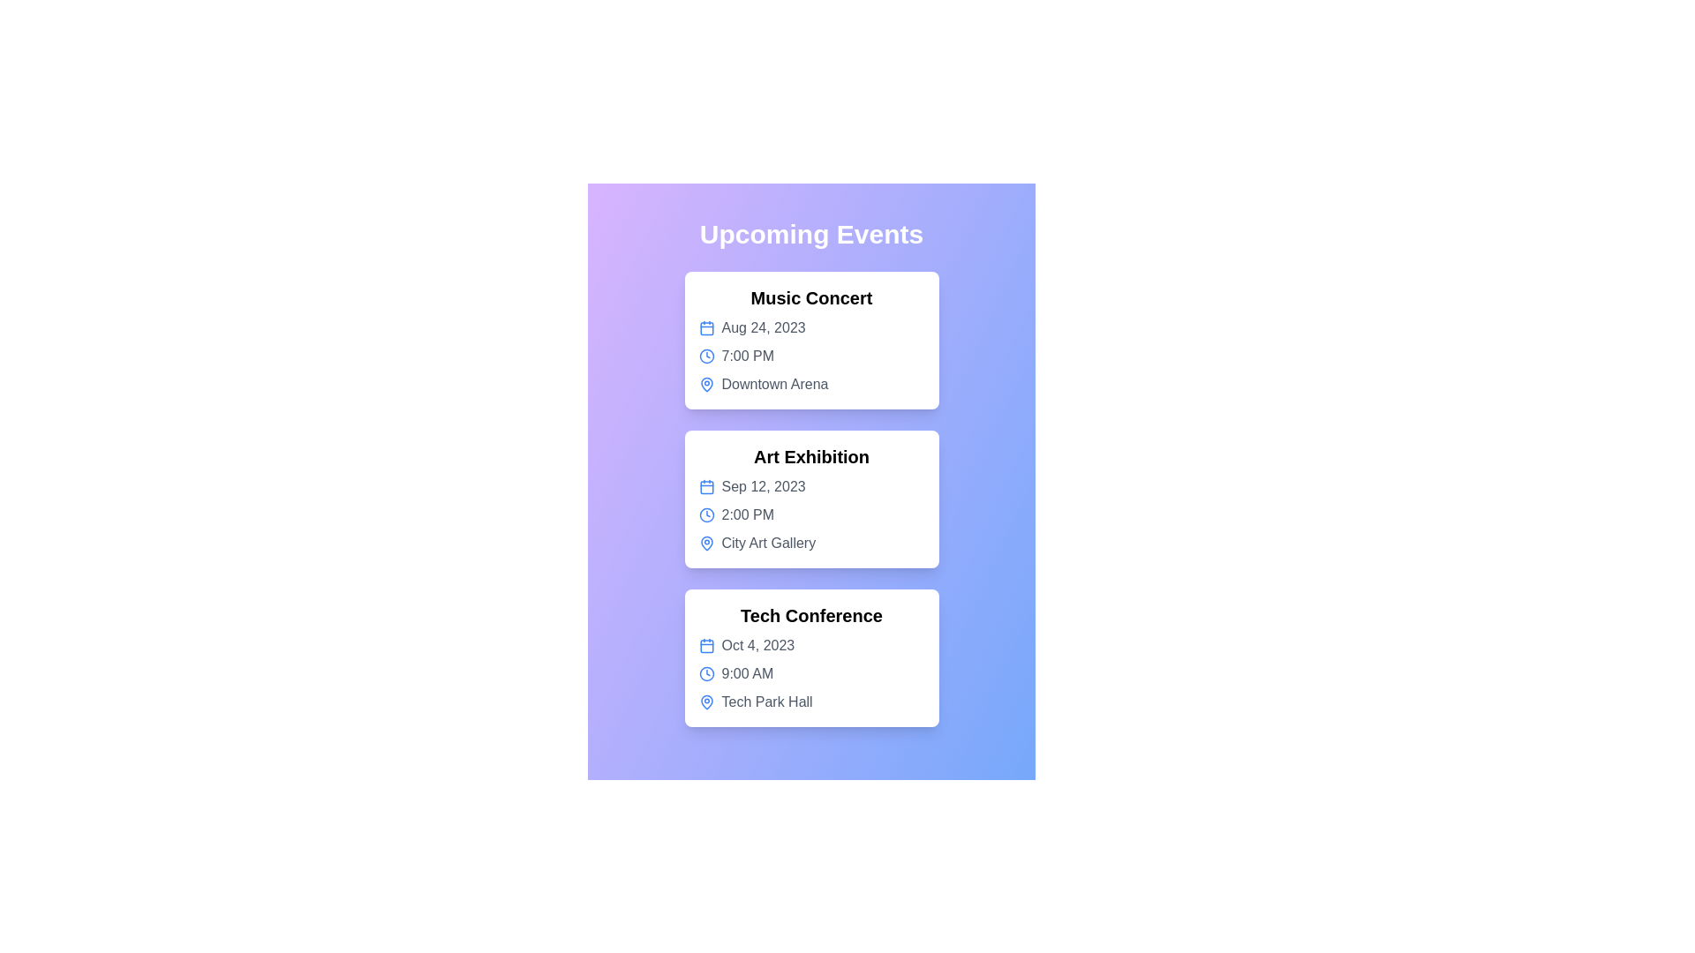  I want to click on the 'City Art Gallery' text element, which is accompanied by a blue map pin icon, located within the 'Art Exhibition' card, so click(810, 543).